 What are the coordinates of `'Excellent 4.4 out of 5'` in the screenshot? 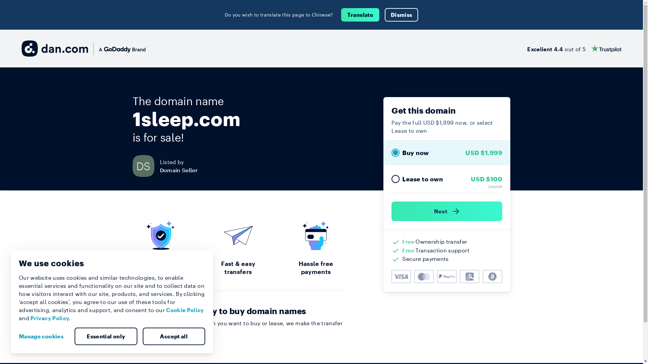 It's located at (574, 48).